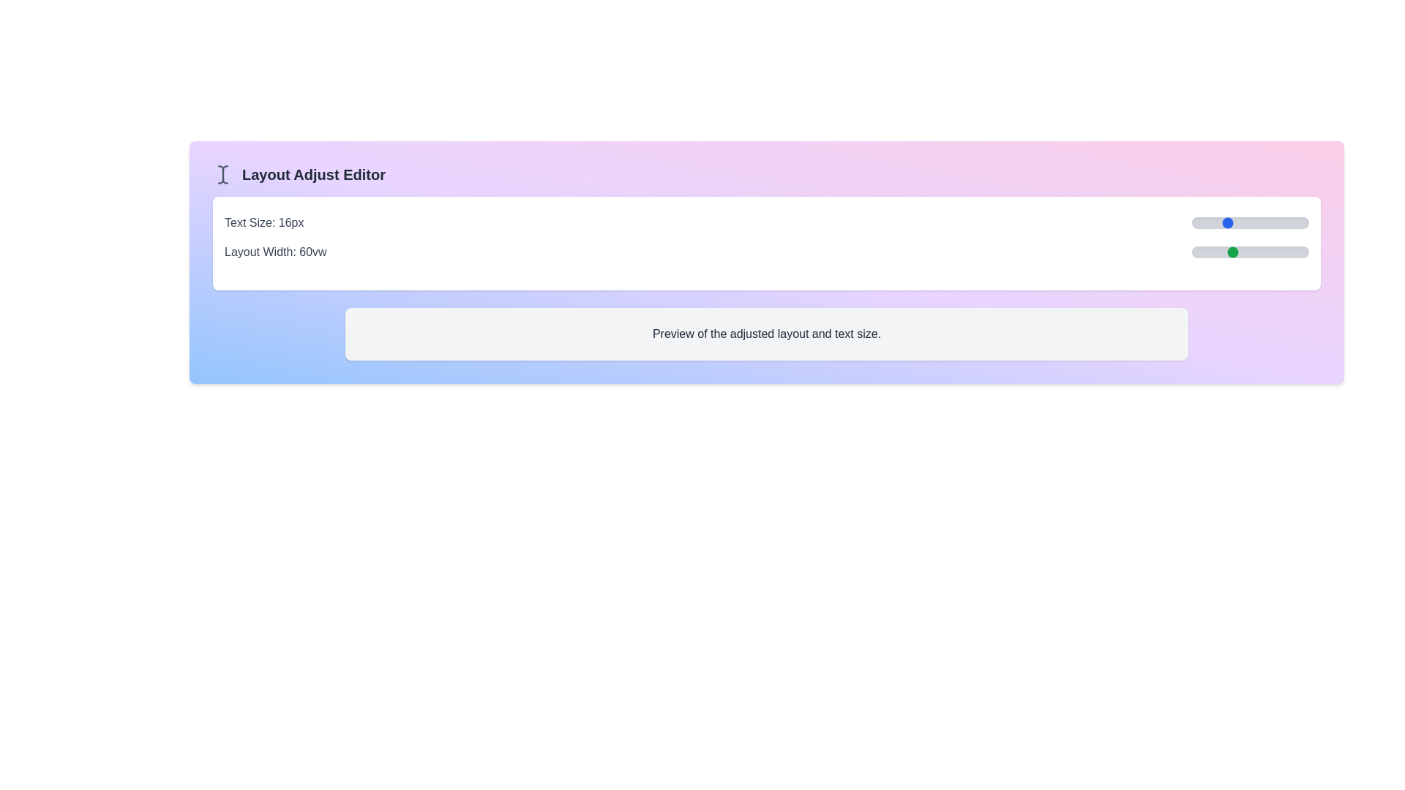 The height and width of the screenshot is (790, 1405). I want to click on the text size, so click(1196, 222).